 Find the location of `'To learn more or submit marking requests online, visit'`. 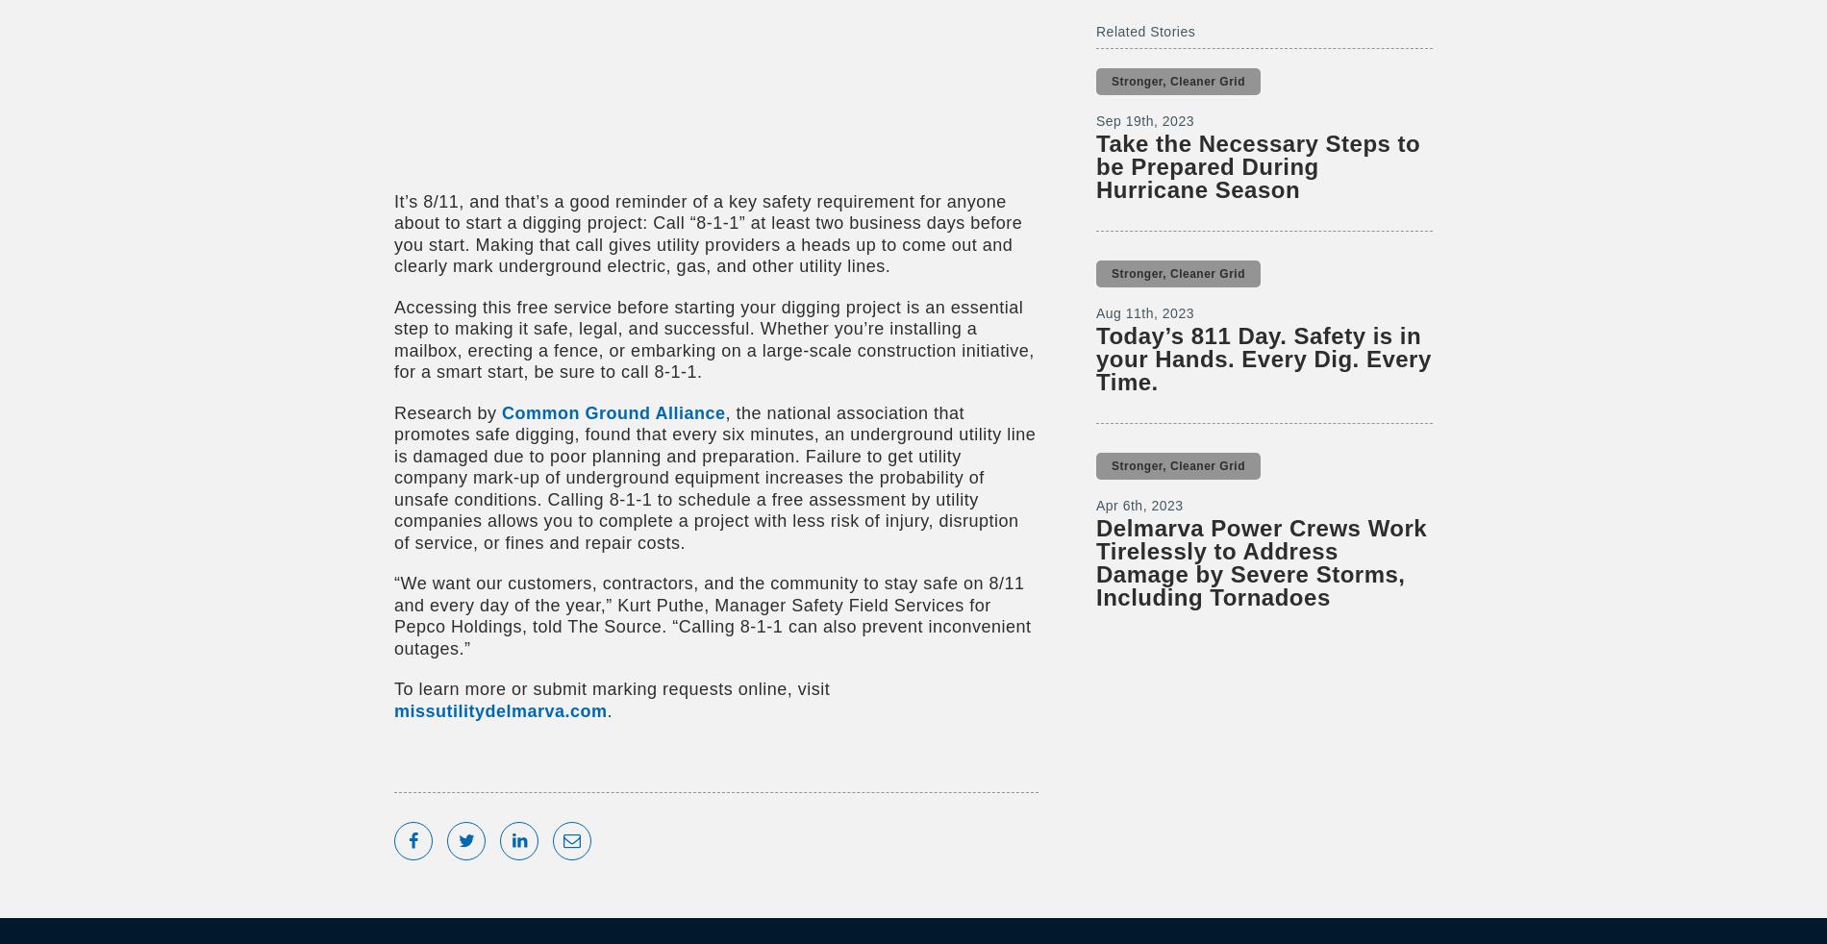

'To learn more or submit marking requests online, visit' is located at coordinates (612, 687).